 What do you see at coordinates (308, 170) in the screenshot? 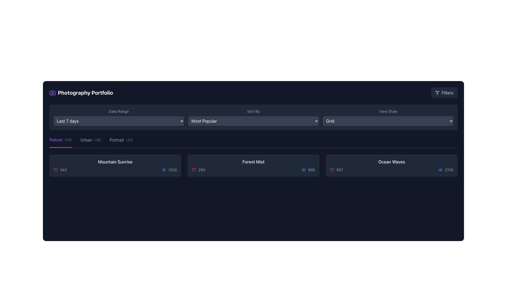
I see `the visual counter element that consists of a blue eye-shaped icon and the numerical text '890' located in the 'Forest Mist' section, specifically the rightmost detail below the title` at bounding box center [308, 170].